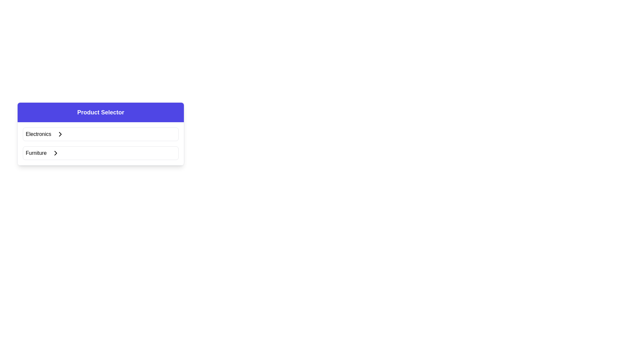  What do you see at coordinates (100, 153) in the screenshot?
I see `the selectable navigation option for 'Furniture' located below 'Electronics' in the 'Product Selector' list` at bounding box center [100, 153].